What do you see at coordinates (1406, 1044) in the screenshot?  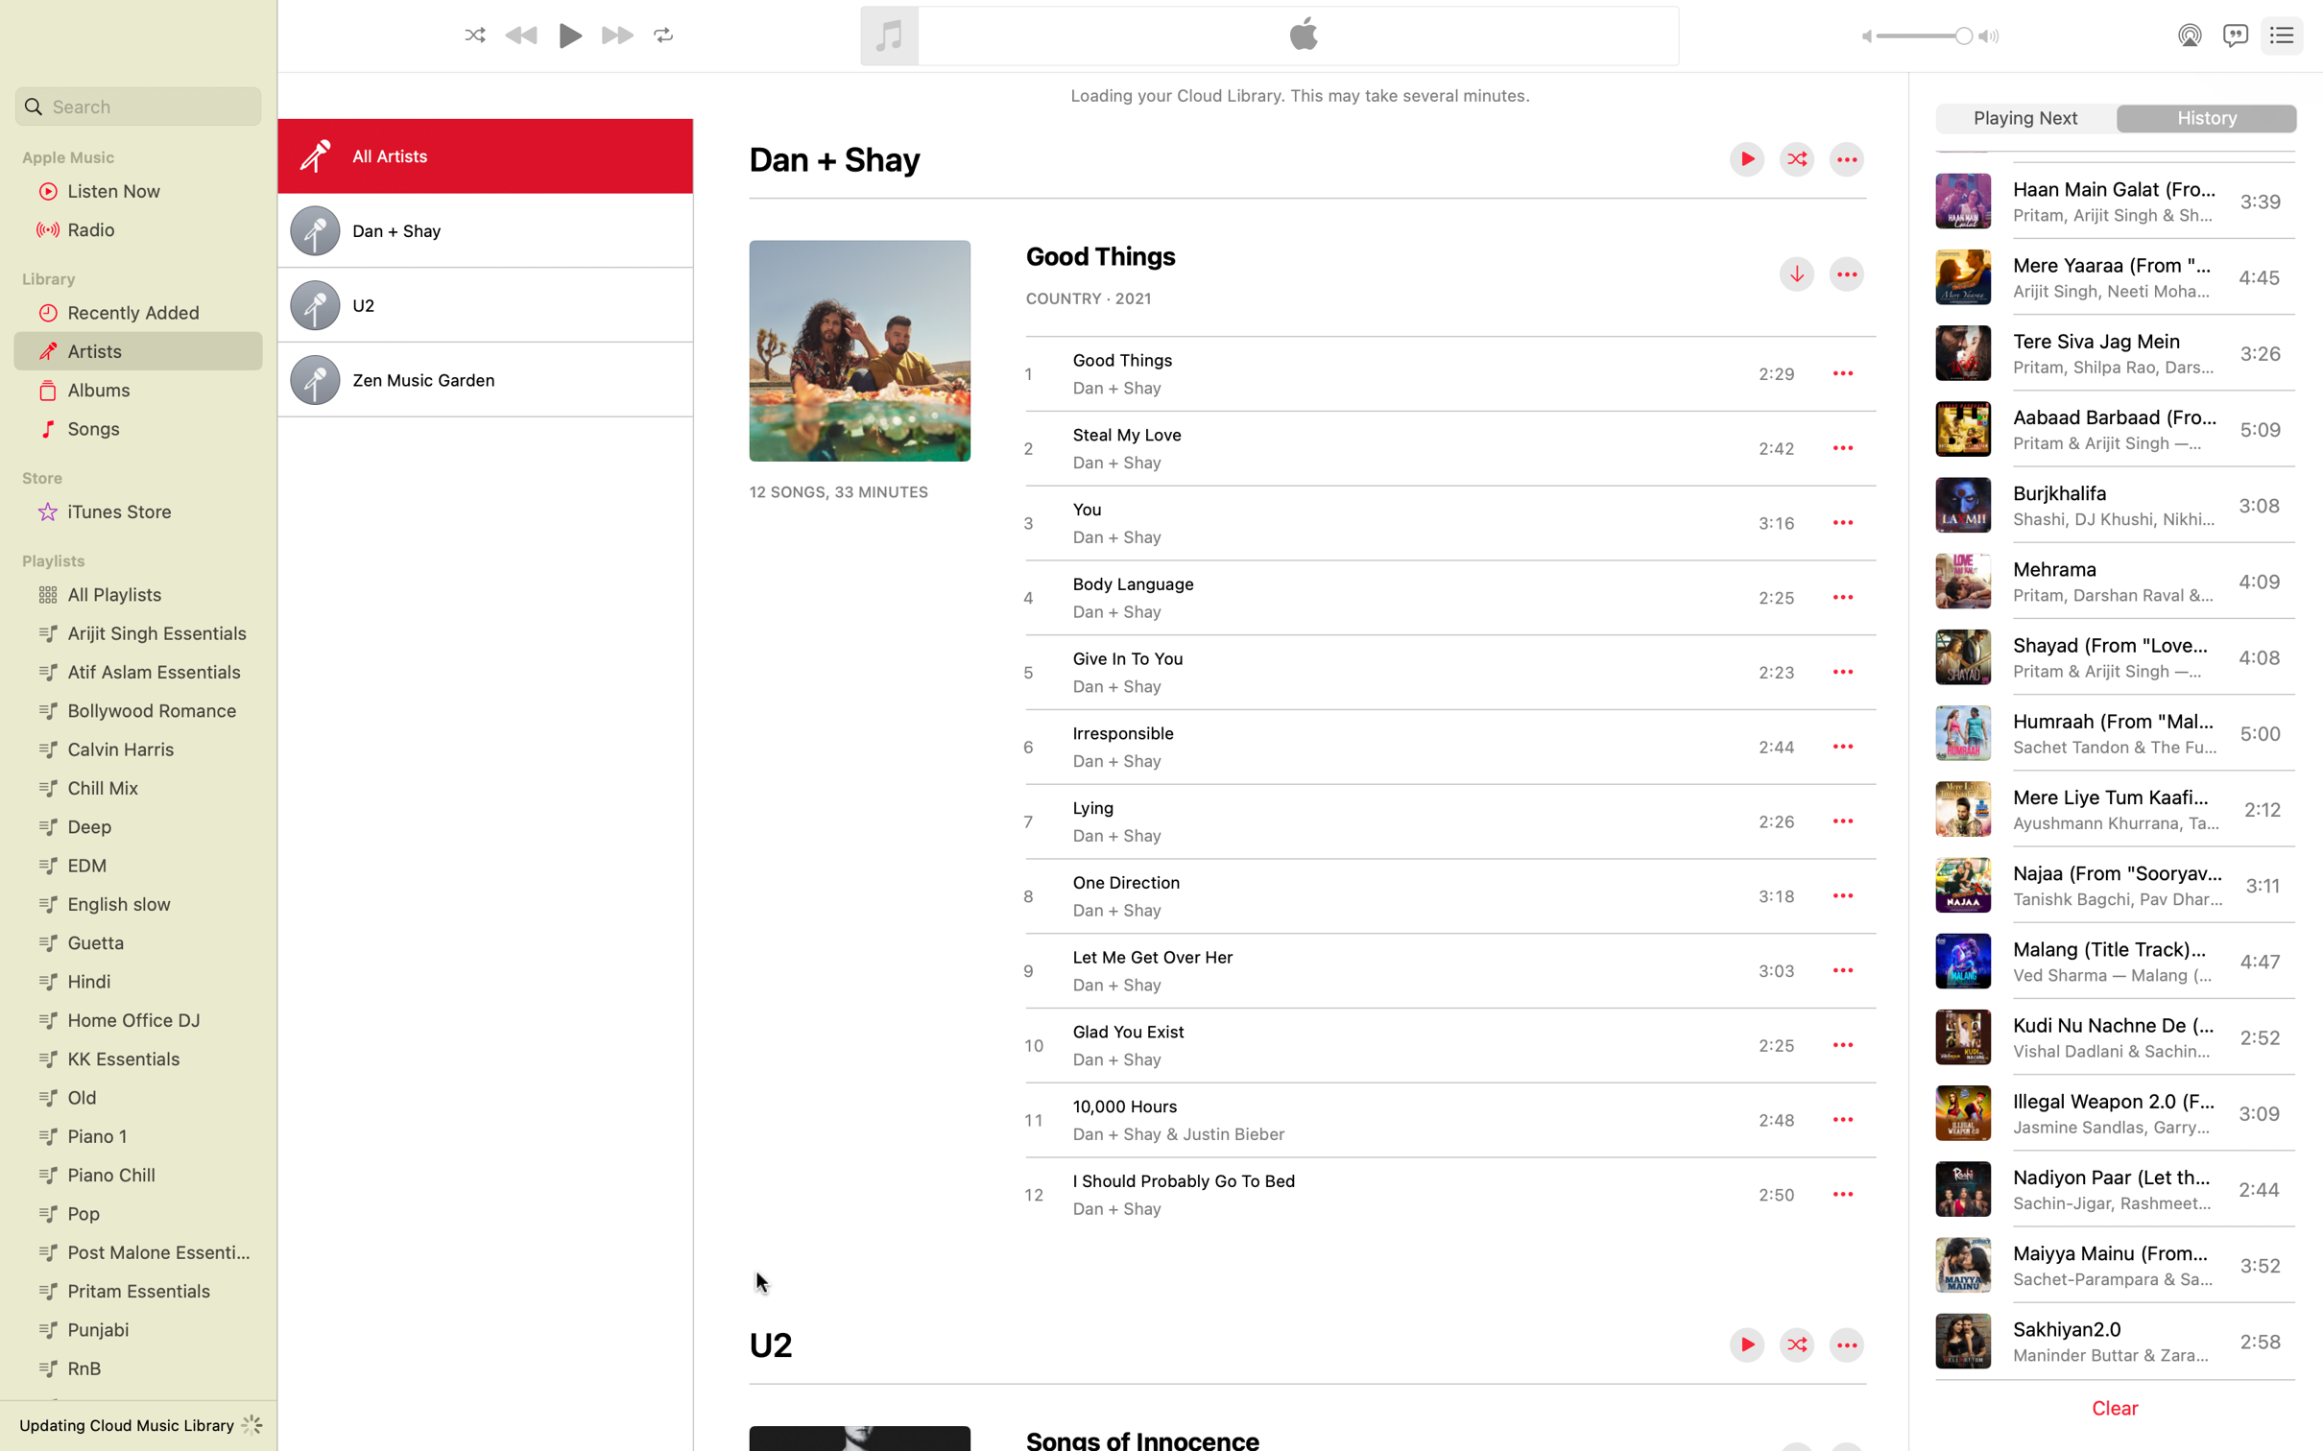 I see `Download the current` at bounding box center [1406, 1044].